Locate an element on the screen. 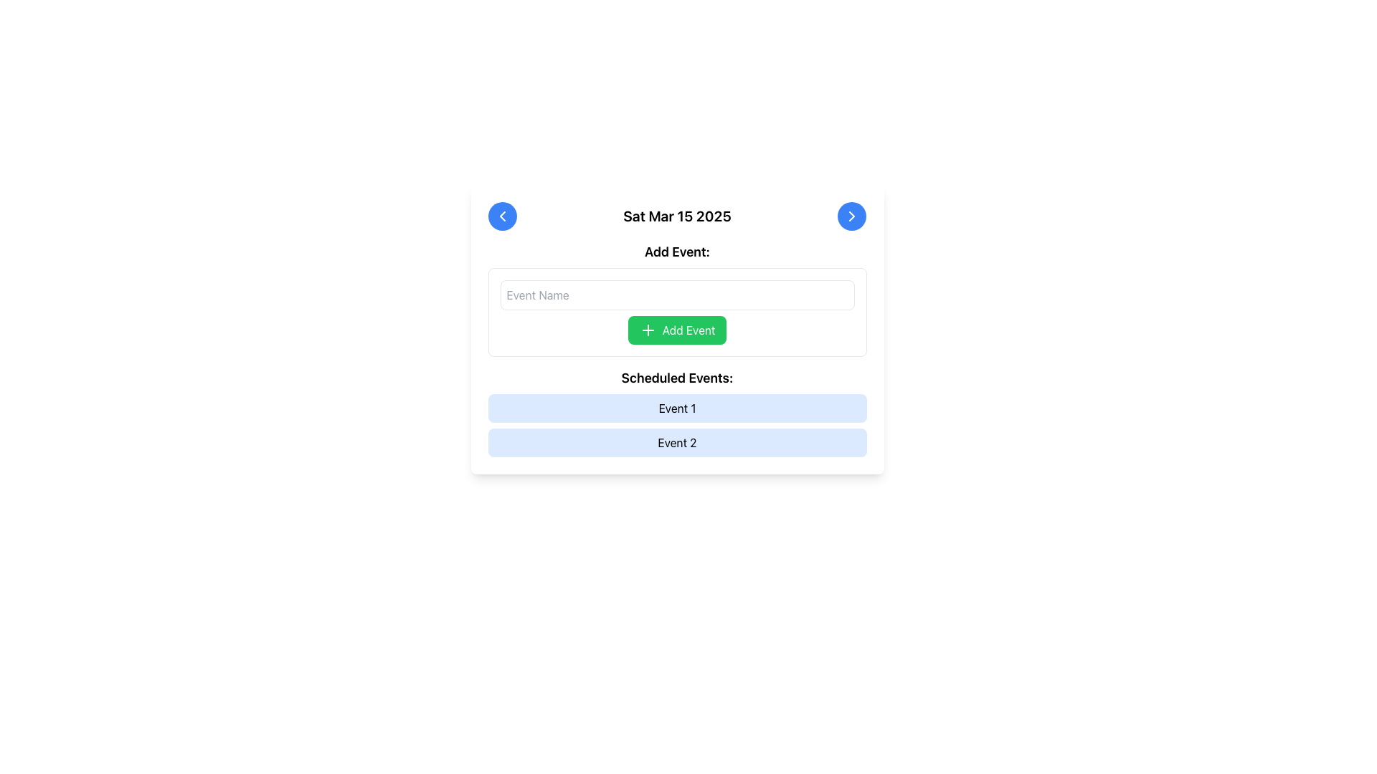 This screenshot has width=1377, height=774. the 'Add Event' icon which is a symbolic representation for adding an event, located within the green button below the event name input box is located at coordinates (647, 330).